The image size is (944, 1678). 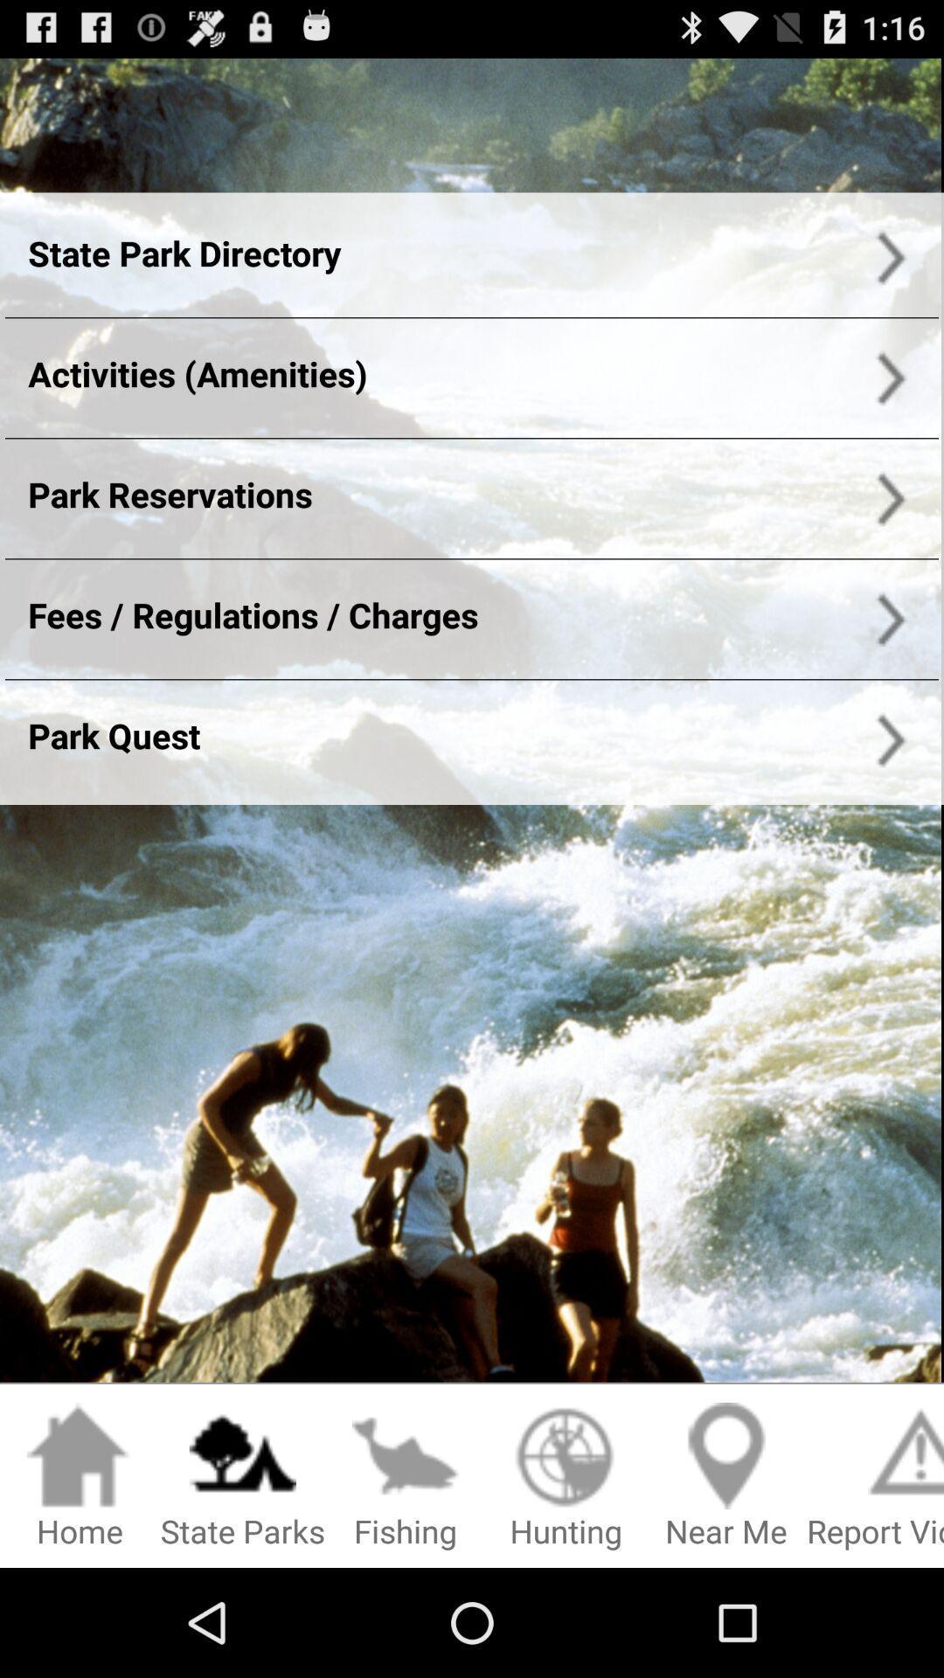 What do you see at coordinates (405, 1476) in the screenshot?
I see `the fishing option` at bounding box center [405, 1476].